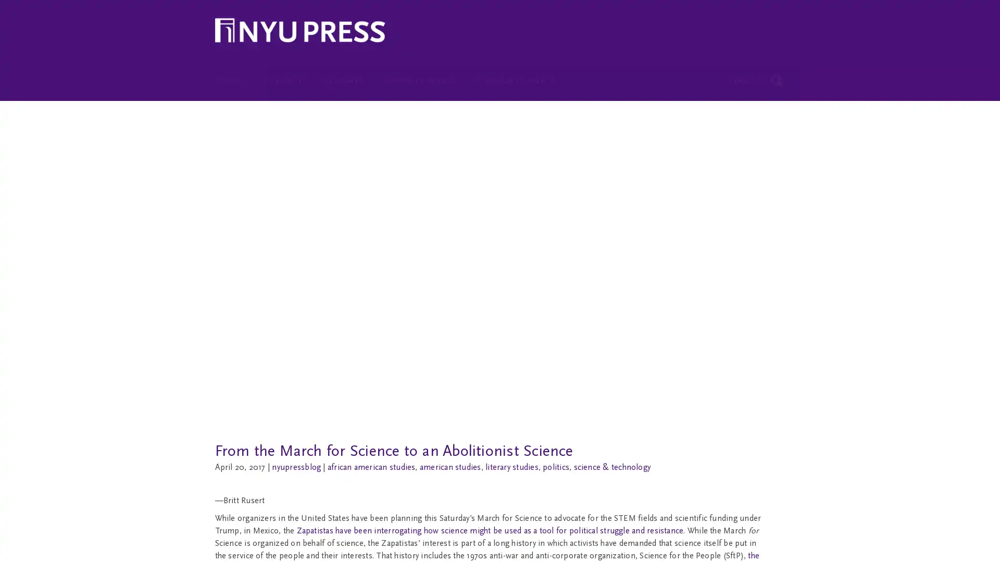 The width and height of the screenshot is (1000, 562). What do you see at coordinates (757, 73) in the screenshot?
I see `SEARCH` at bounding box center [757, 73].